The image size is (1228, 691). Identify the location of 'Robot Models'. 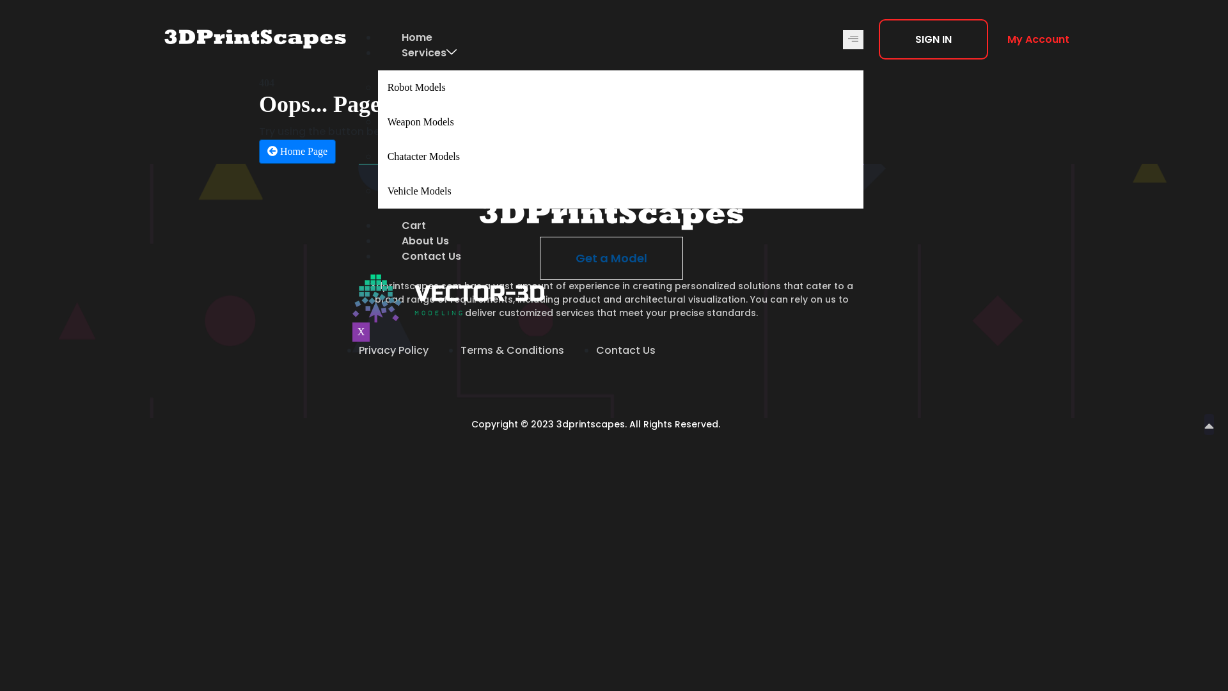
(377, 87).